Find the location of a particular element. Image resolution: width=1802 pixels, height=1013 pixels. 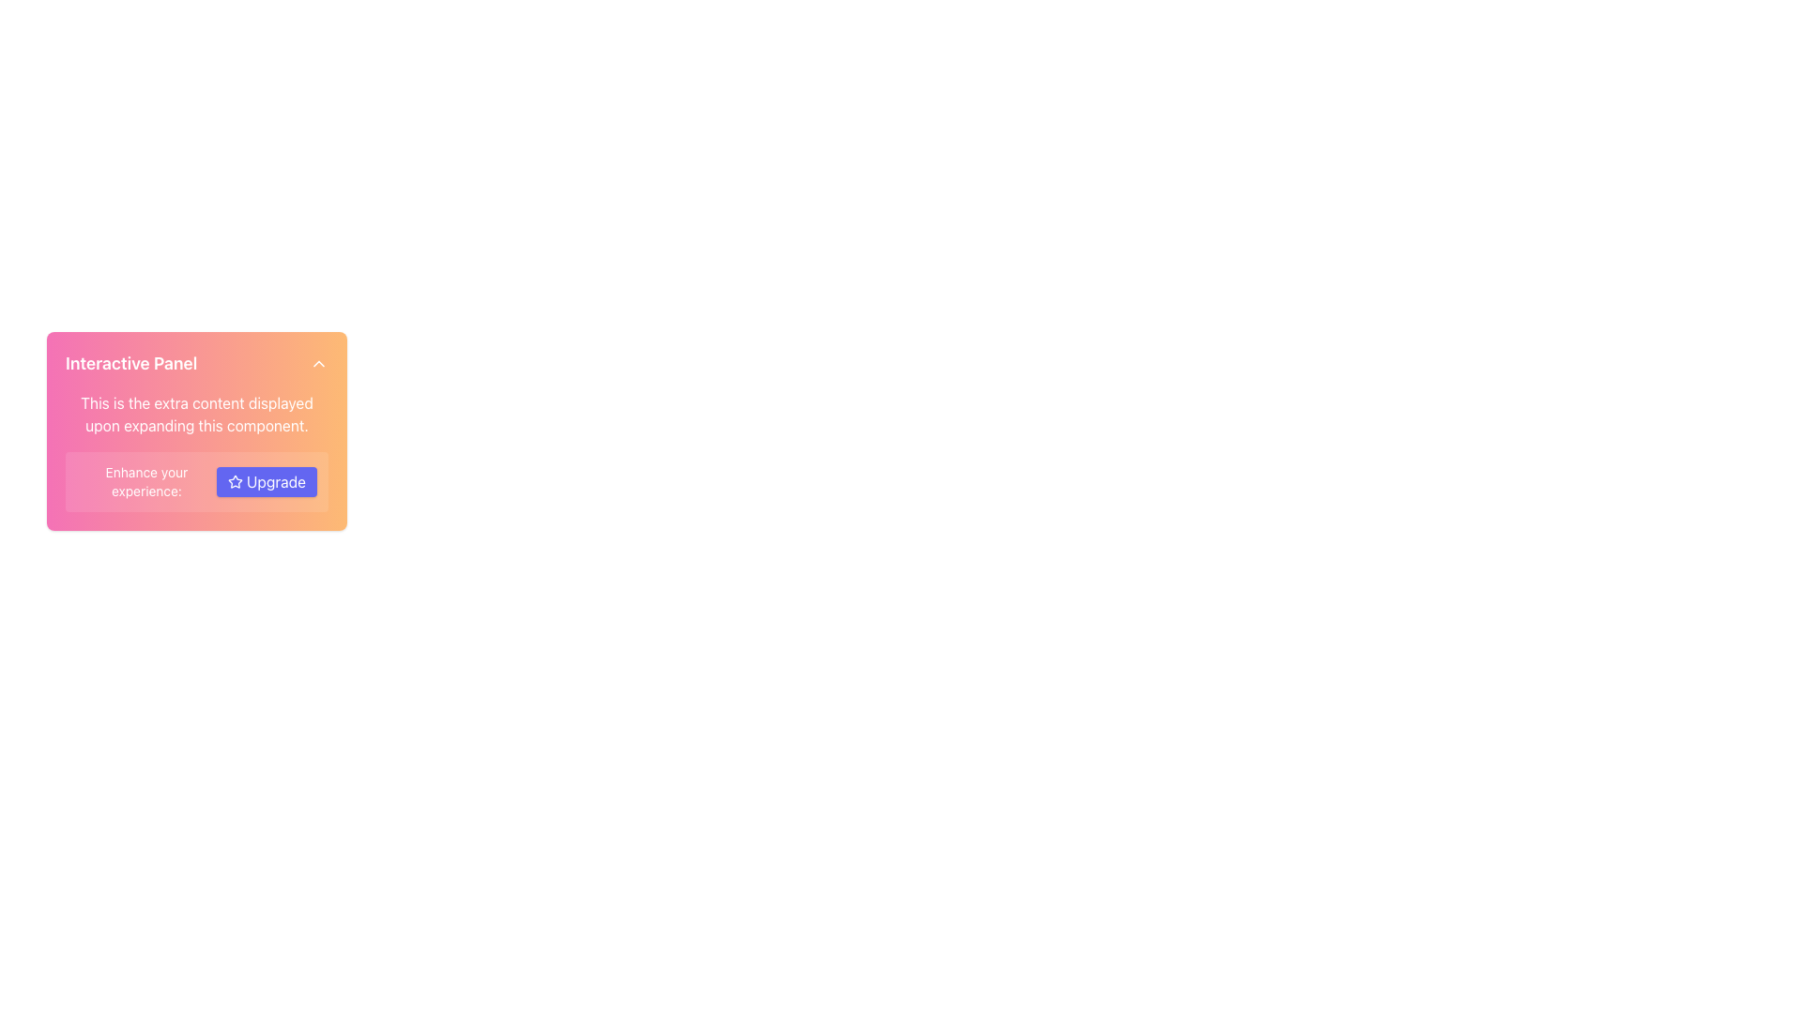

the interactive panel labeled by the text label is located at coordinates (130, 364).